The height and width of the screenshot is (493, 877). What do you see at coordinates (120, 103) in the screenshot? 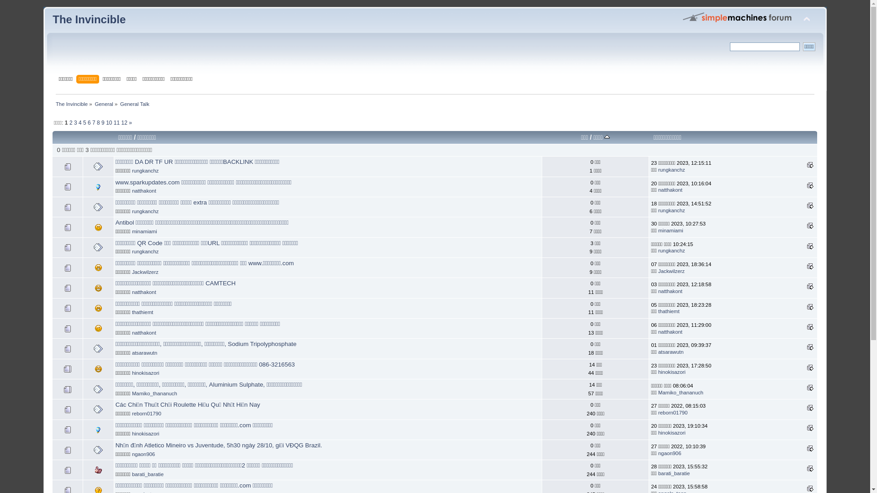
I see `'General Talk'` at bounding box center [120, 103].